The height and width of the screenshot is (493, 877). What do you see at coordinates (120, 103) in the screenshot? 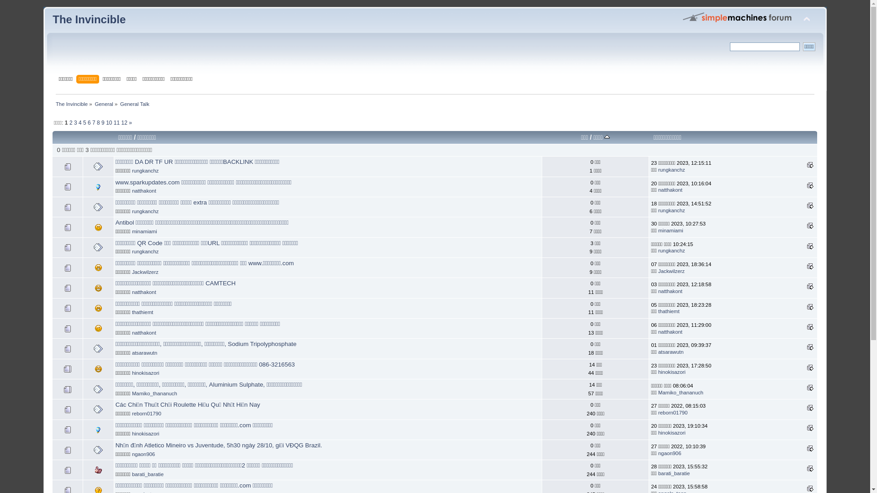
I see `'General Talk'` at bounding box center [120, 103].